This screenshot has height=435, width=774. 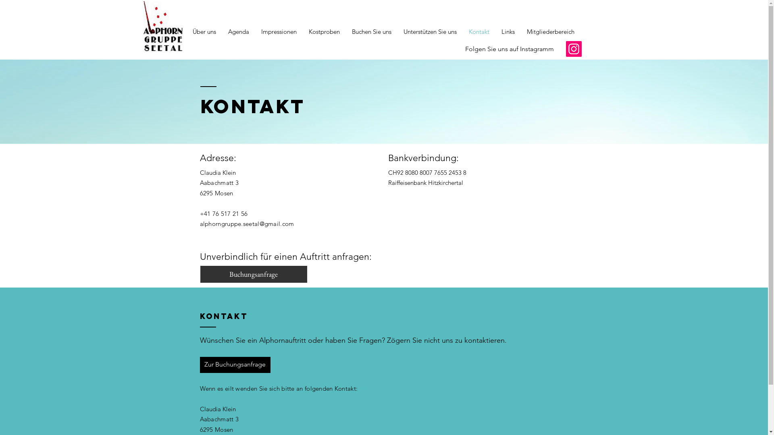 What do you see at coordinates (520, 31) in the screenshot?
I see `'Mitgliederbereich'` at bounding box center [520, 31].